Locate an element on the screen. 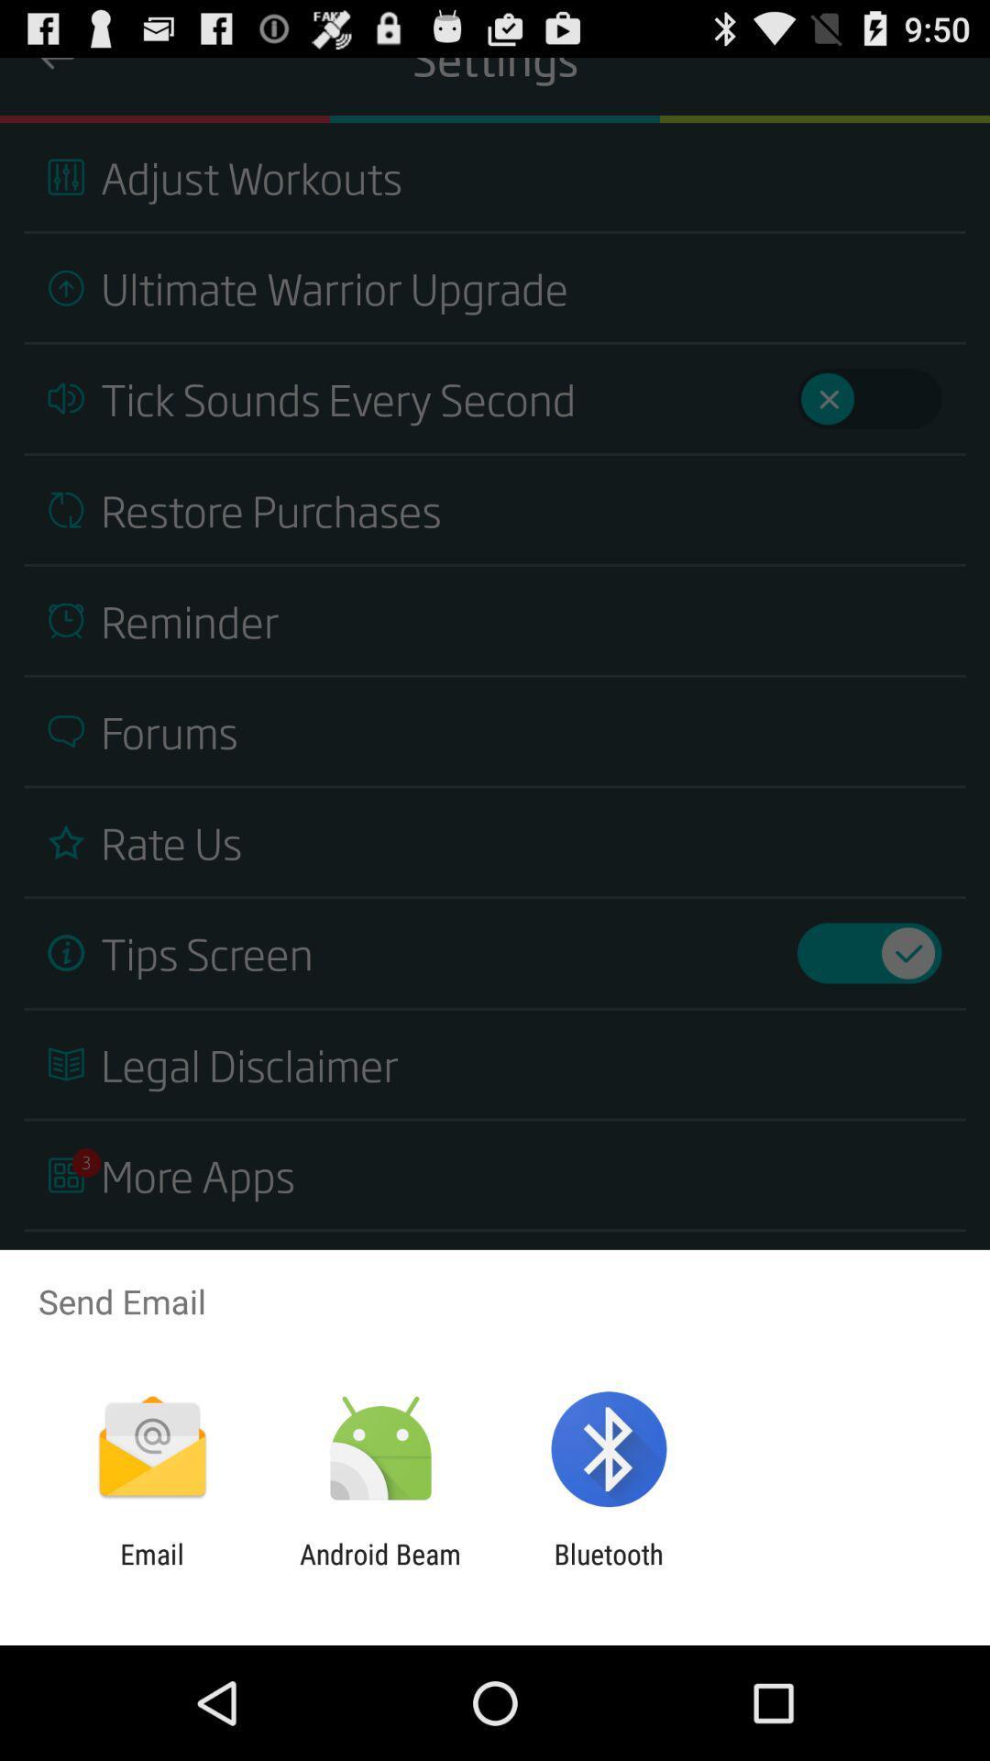 The width and height of the screenshot is (990, 1761). the android beam item is located at coordinates (379, 1569).